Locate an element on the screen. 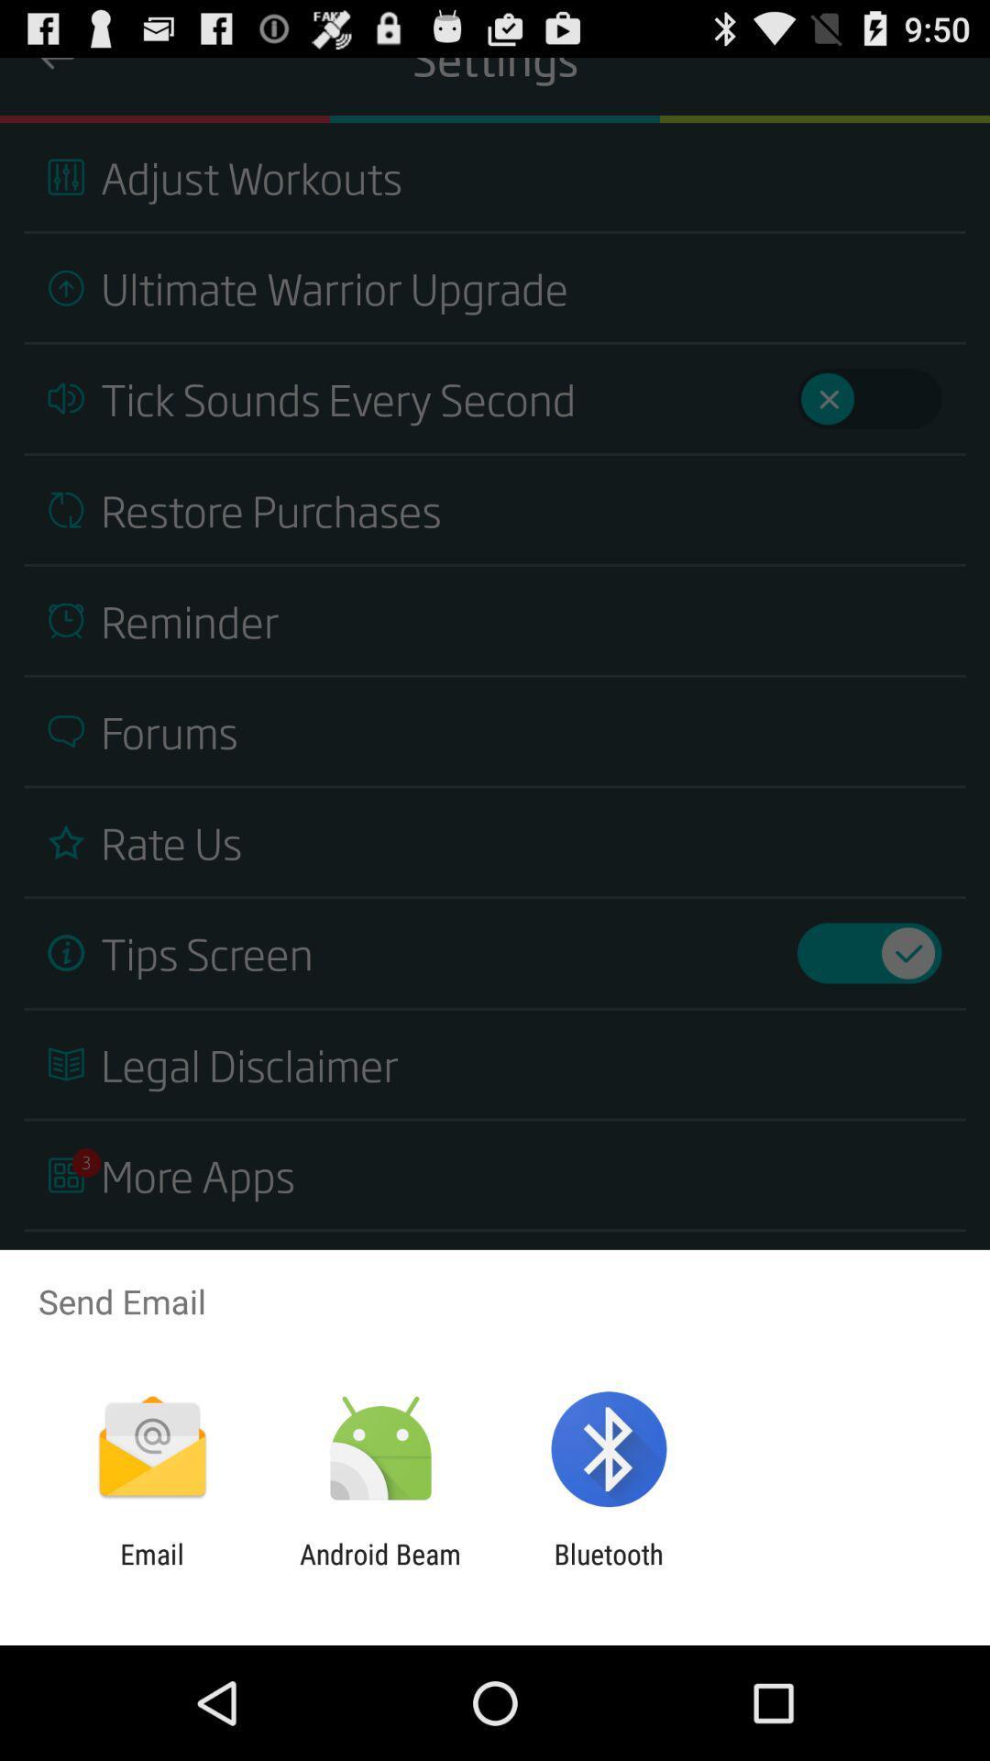 The width and height of the screenshot is (990, 1761). the android beam item is located at coordinates (379, 1569).